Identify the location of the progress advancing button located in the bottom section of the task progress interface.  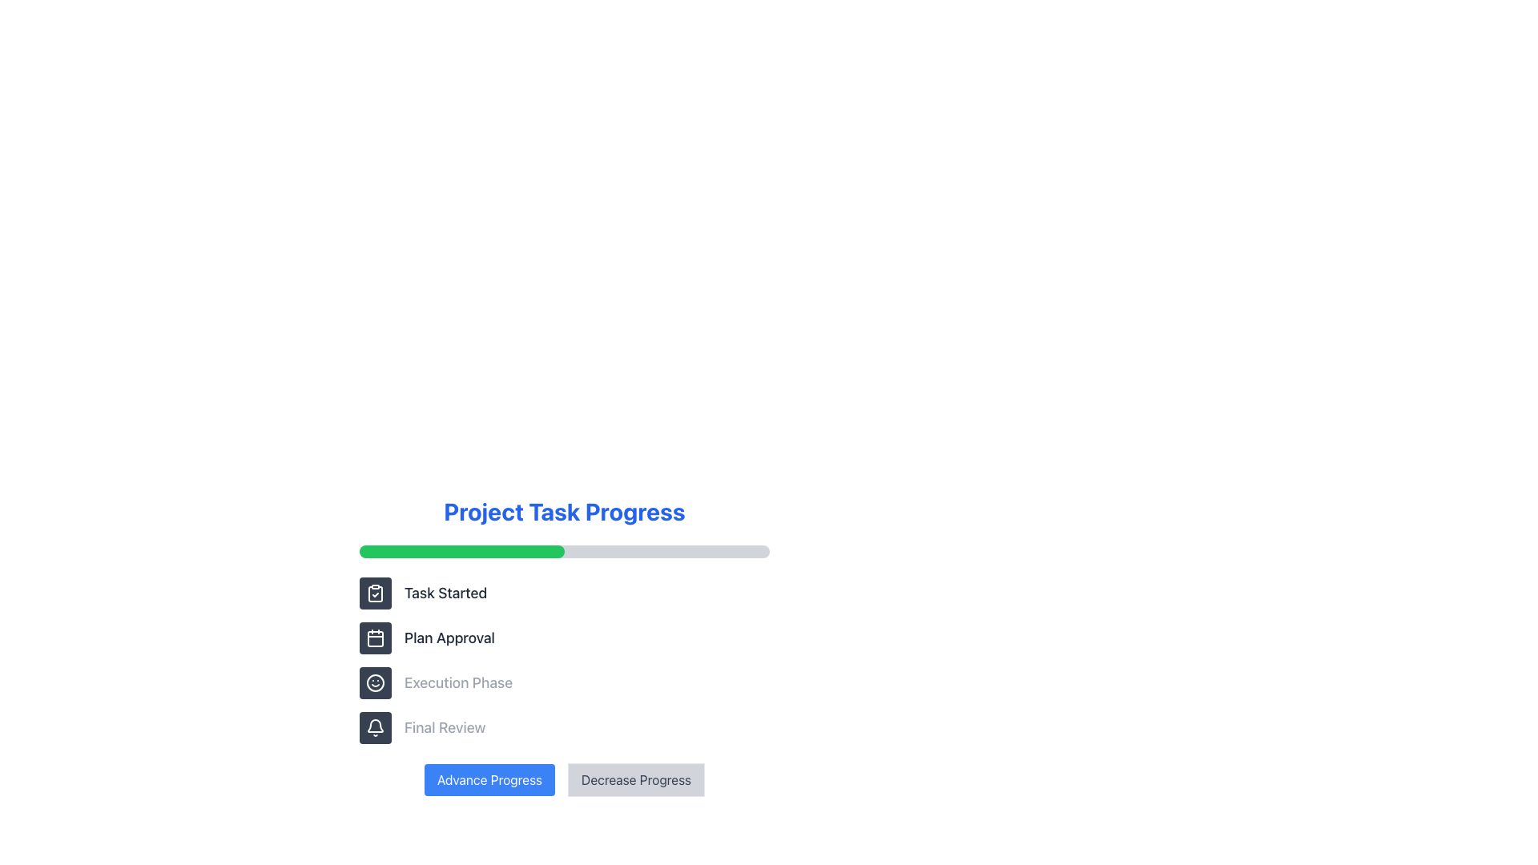
(489, 779).